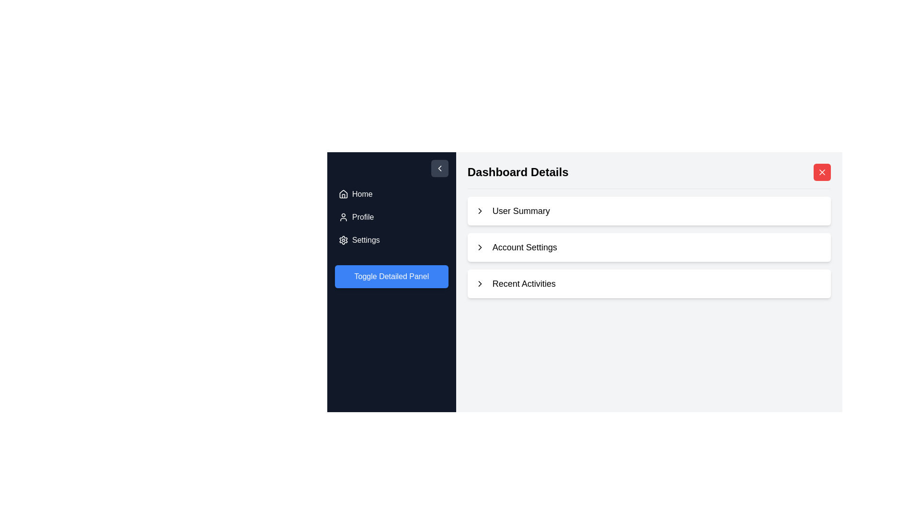 The width and height of the screenshot is (920, 517). What do you see at coordinates (822, 171) in the screenshot?
I see `the close button located at the upper right corner of the 'Dashboard Details' section` at bounding box center [822, 171].